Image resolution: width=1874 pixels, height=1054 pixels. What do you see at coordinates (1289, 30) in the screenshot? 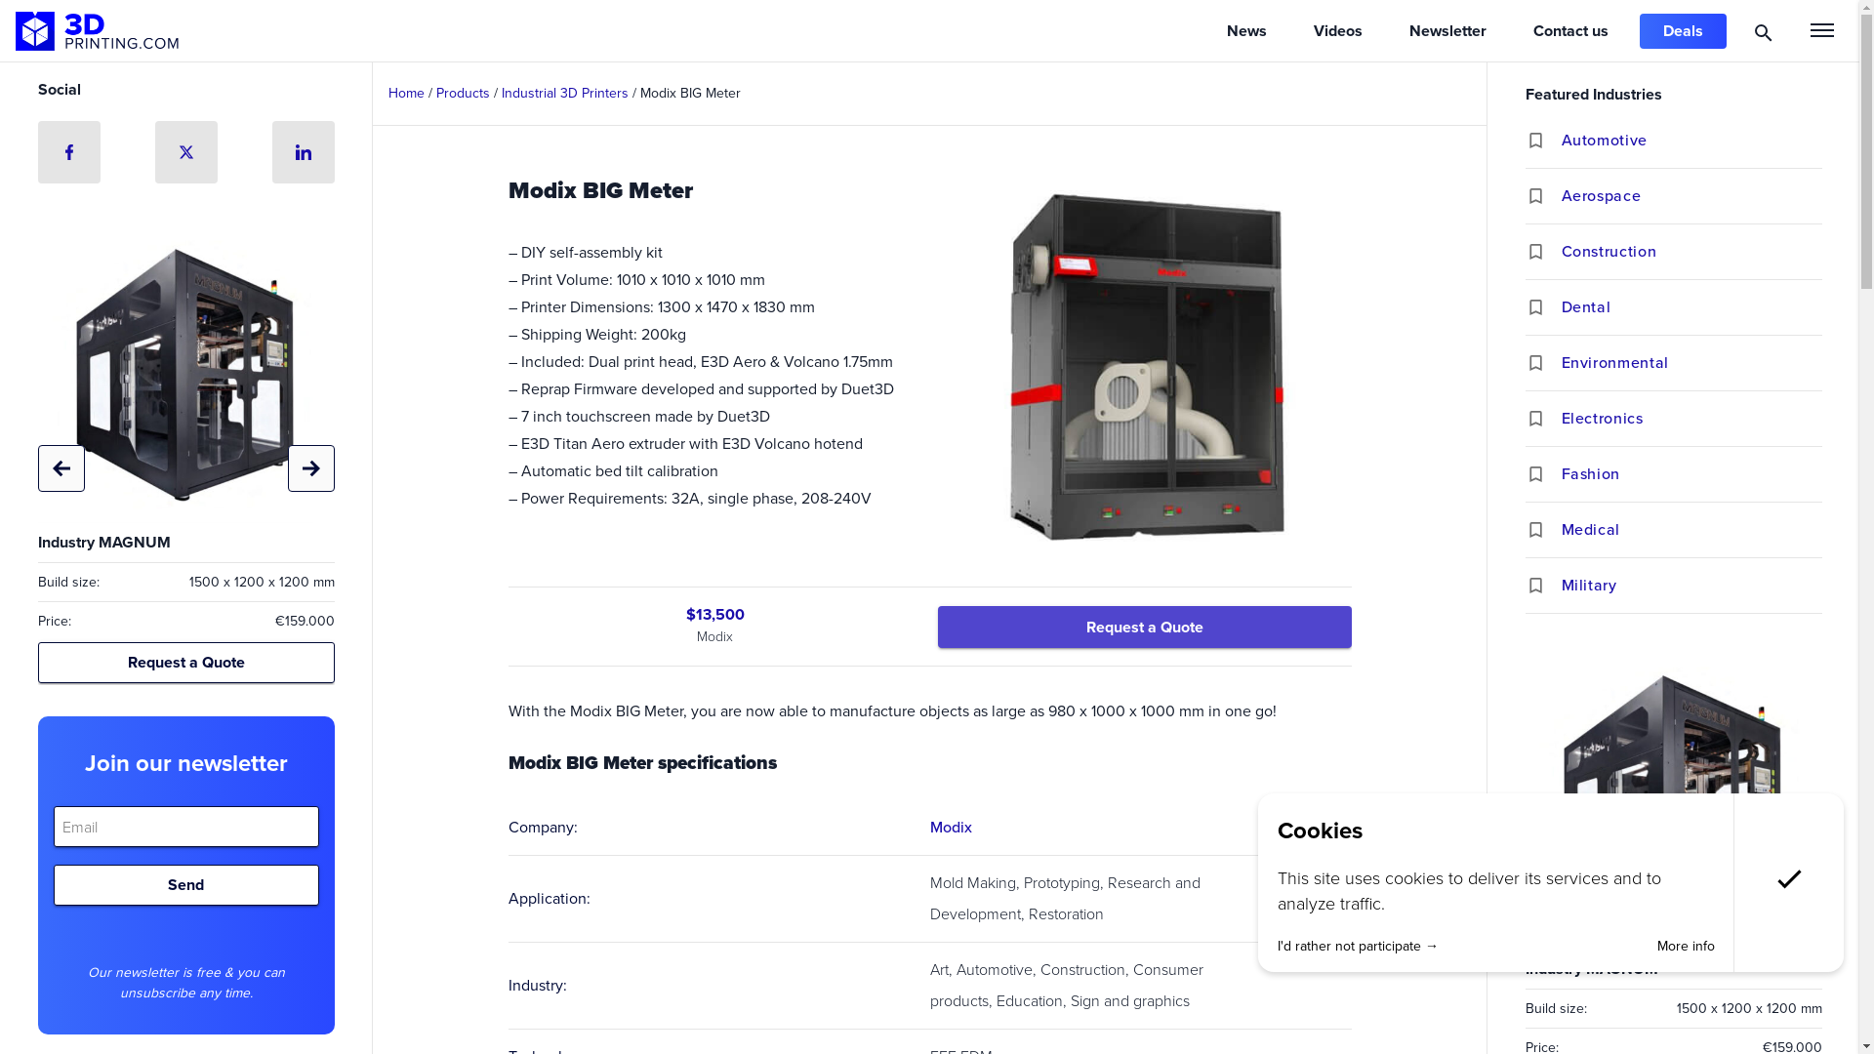
I see `'Videos'` at bounding box center [1289, 30].